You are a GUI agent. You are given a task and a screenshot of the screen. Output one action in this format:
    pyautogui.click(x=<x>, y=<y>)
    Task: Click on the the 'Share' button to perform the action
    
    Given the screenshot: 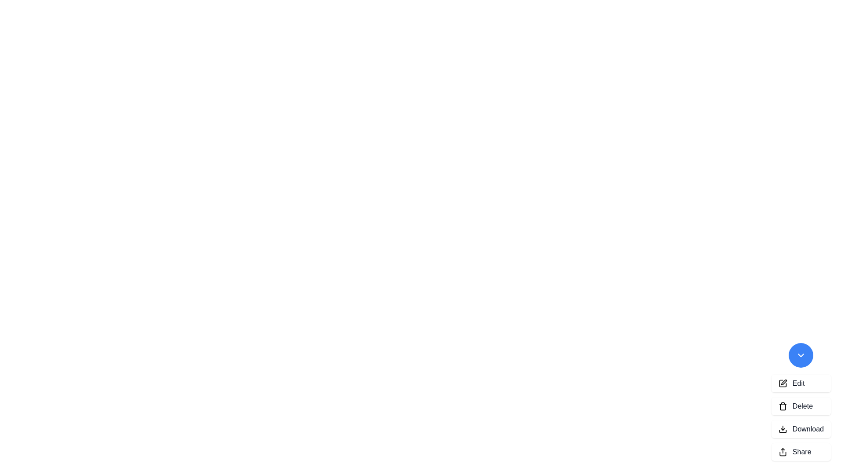 What is the action you would take?
    pyautogui.click(x=801, y=452)
    